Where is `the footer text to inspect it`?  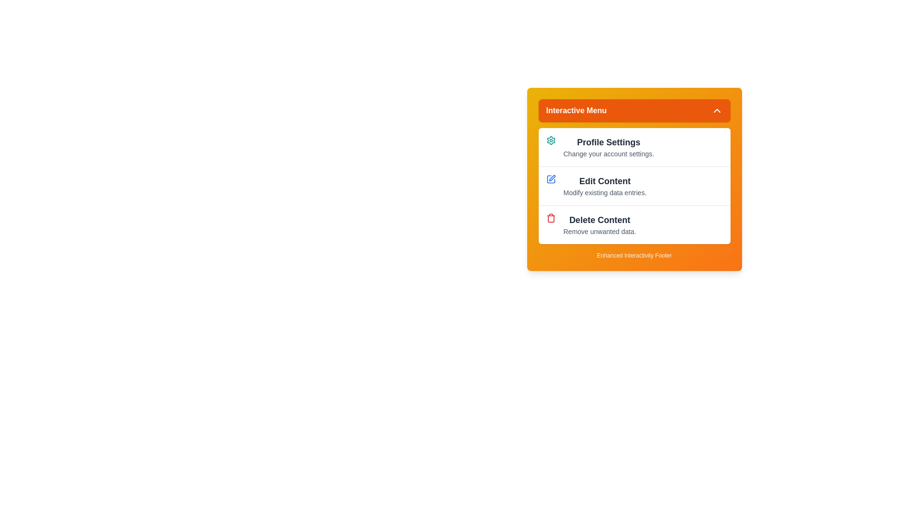
the footer text to inspect it is located at coordinates (634, 255).